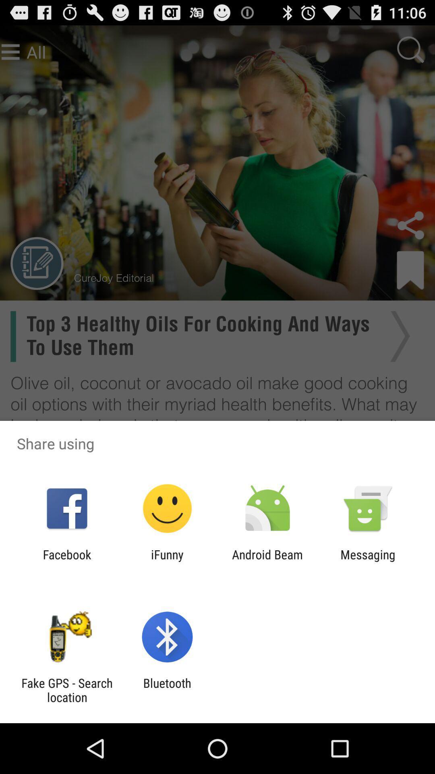 The image size is (435, 774). I want to click on the facebook item, so click(66, 561).